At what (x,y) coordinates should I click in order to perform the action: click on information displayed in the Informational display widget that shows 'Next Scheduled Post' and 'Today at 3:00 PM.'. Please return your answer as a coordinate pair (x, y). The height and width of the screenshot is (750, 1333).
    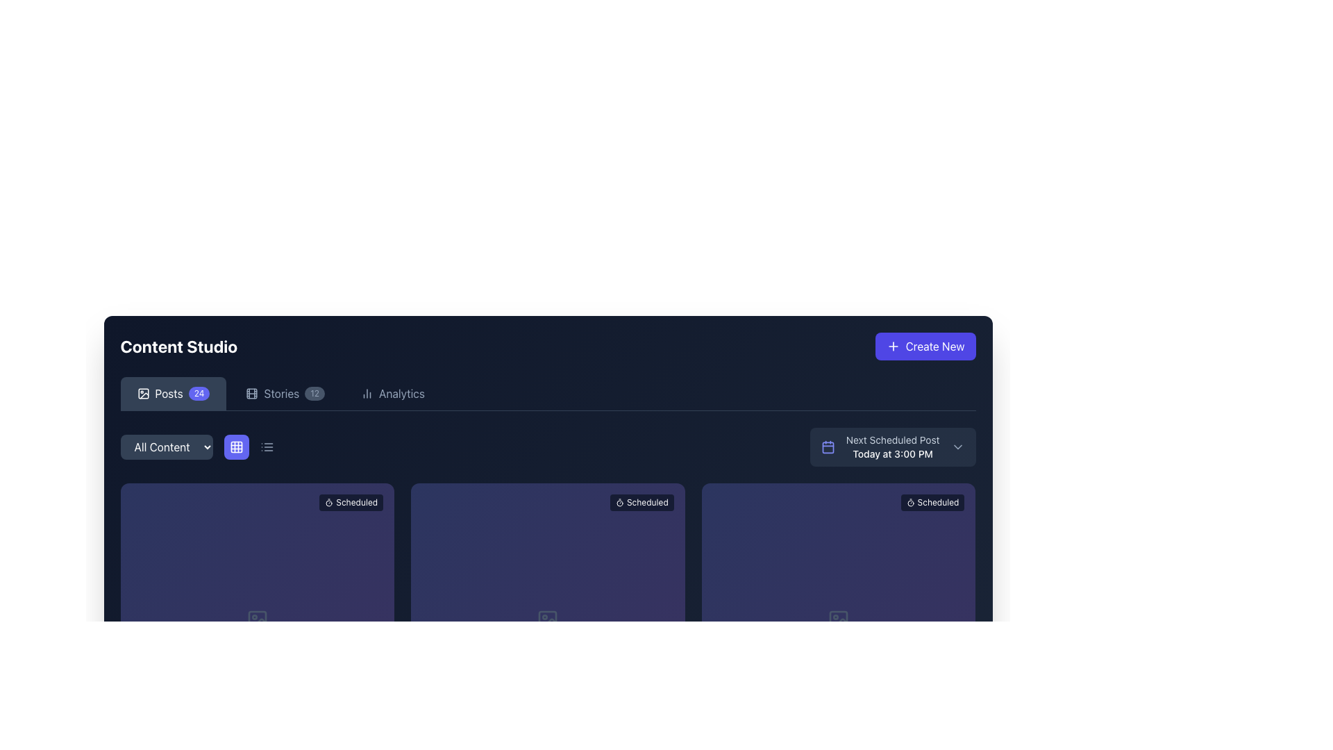
    Looking at the image, I should click on (893, 447).